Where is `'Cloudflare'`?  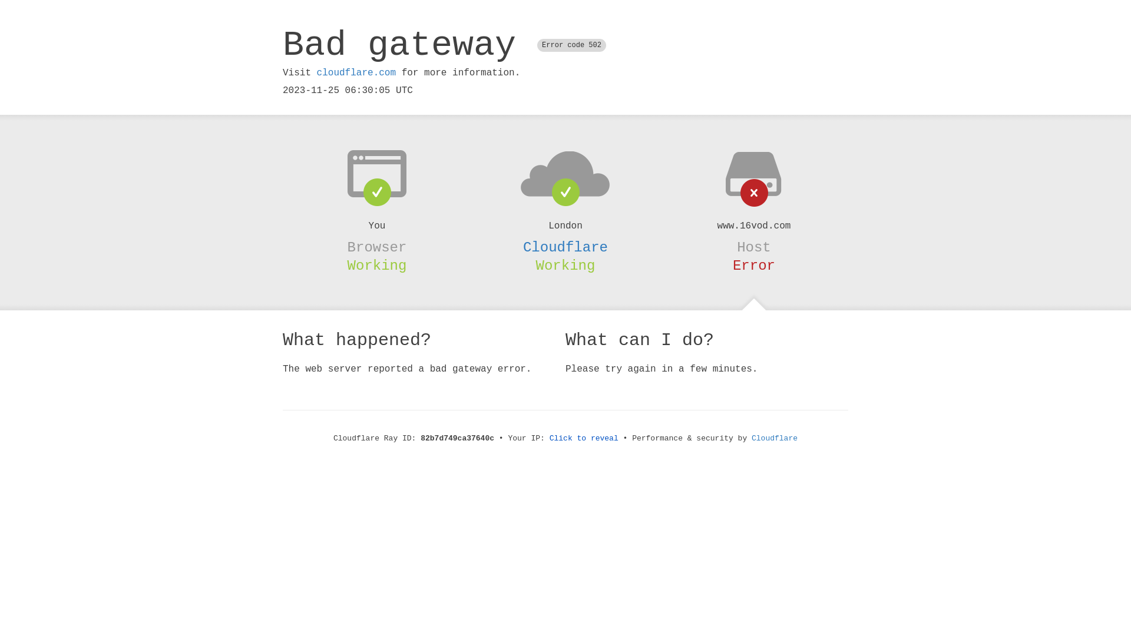
'Cloudflare' is located at coordinates (751, 438).